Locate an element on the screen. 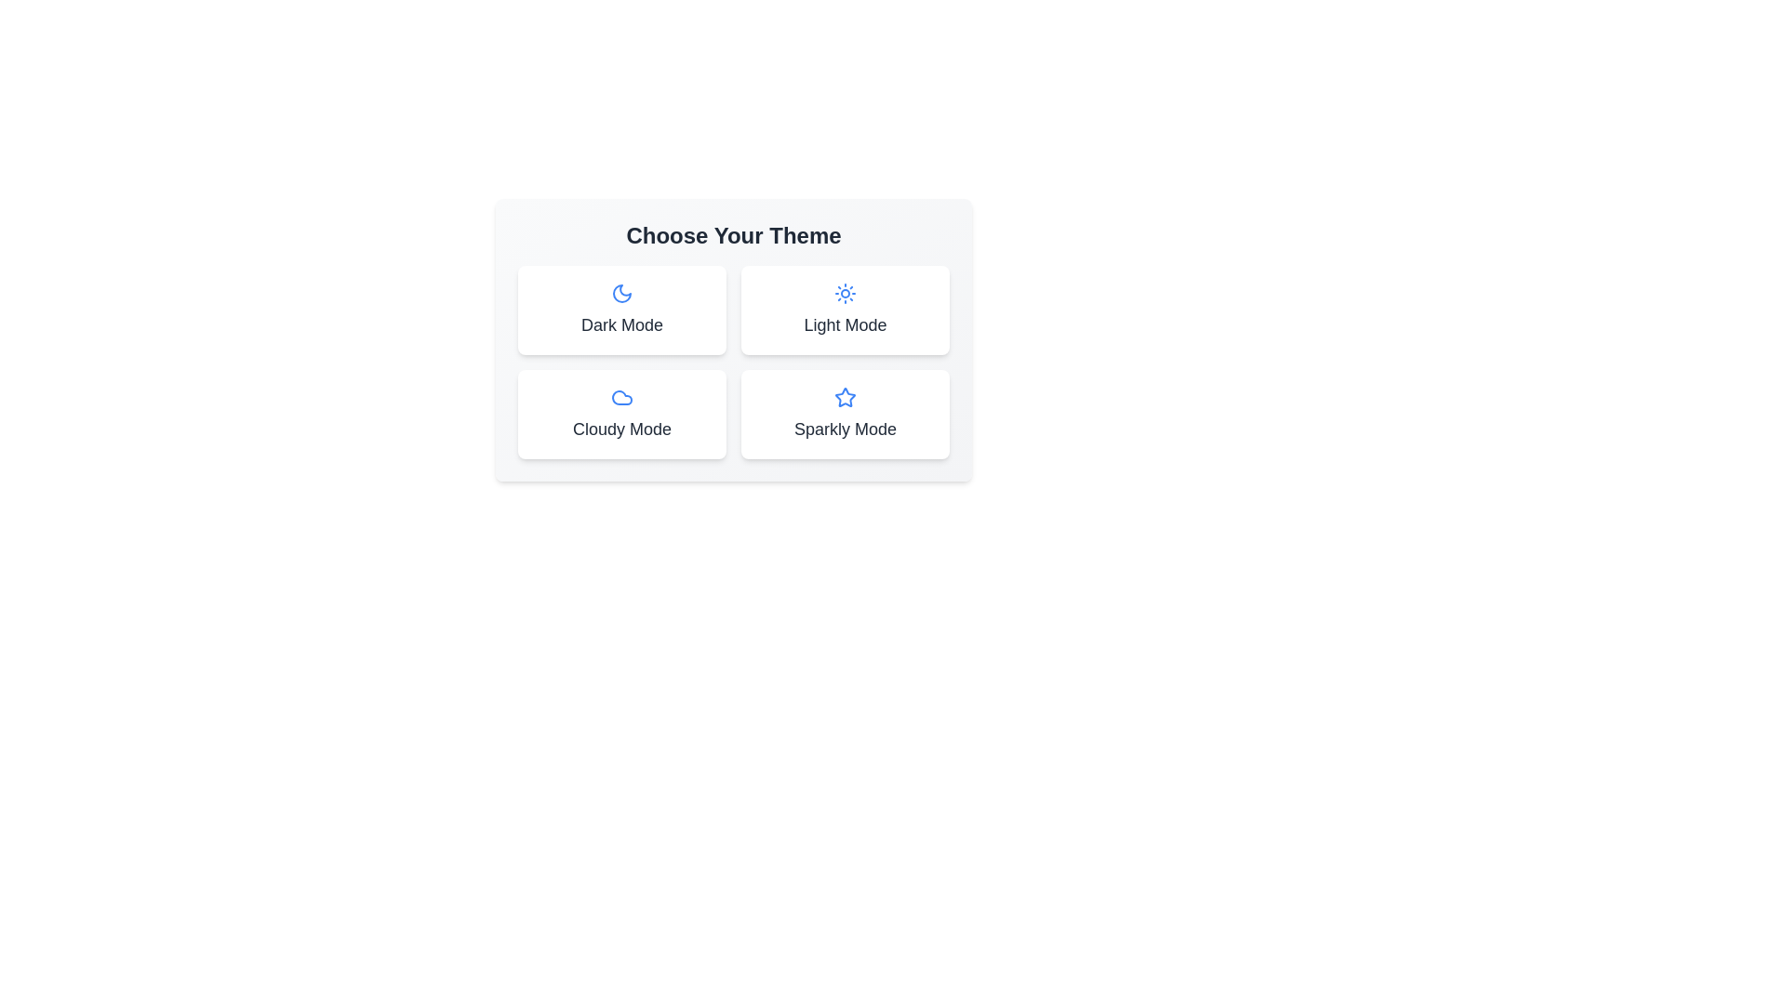  the 'Dark Mode' icon is located at coordinates (621, 293).